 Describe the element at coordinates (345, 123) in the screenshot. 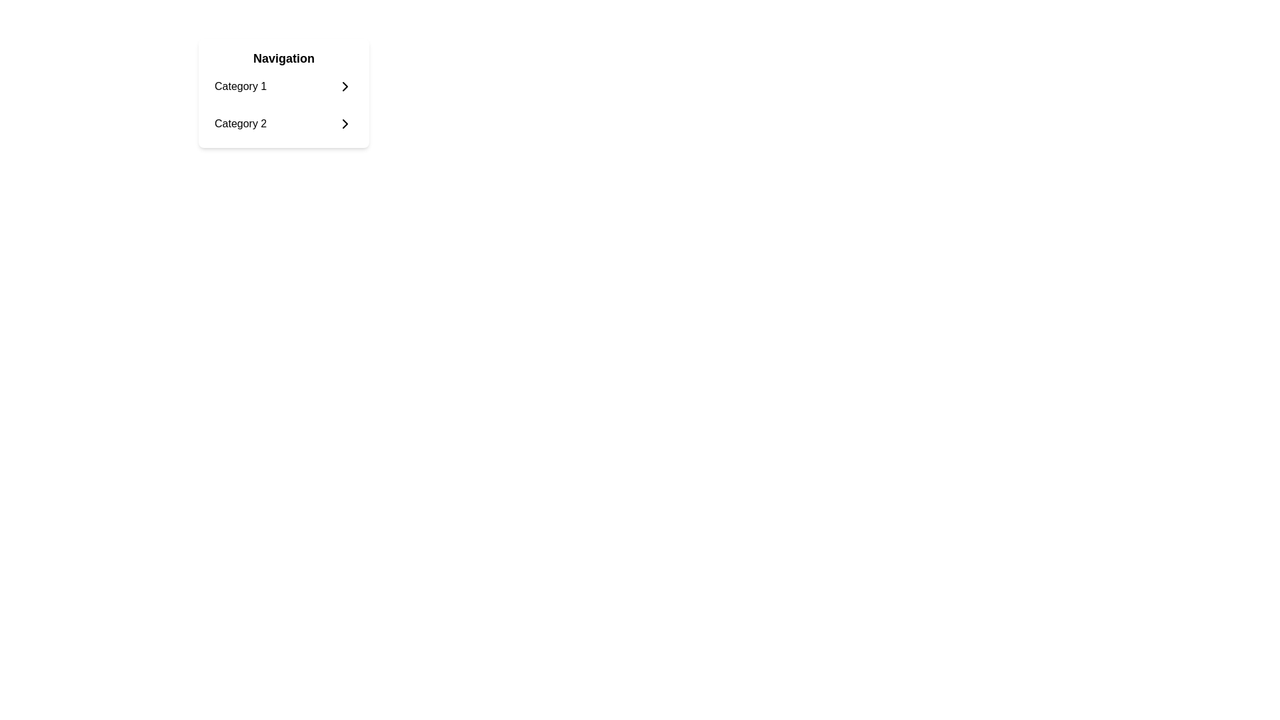

I see `the right-facing chevron arrow icon next to the text label 'Category 2'` at that location.